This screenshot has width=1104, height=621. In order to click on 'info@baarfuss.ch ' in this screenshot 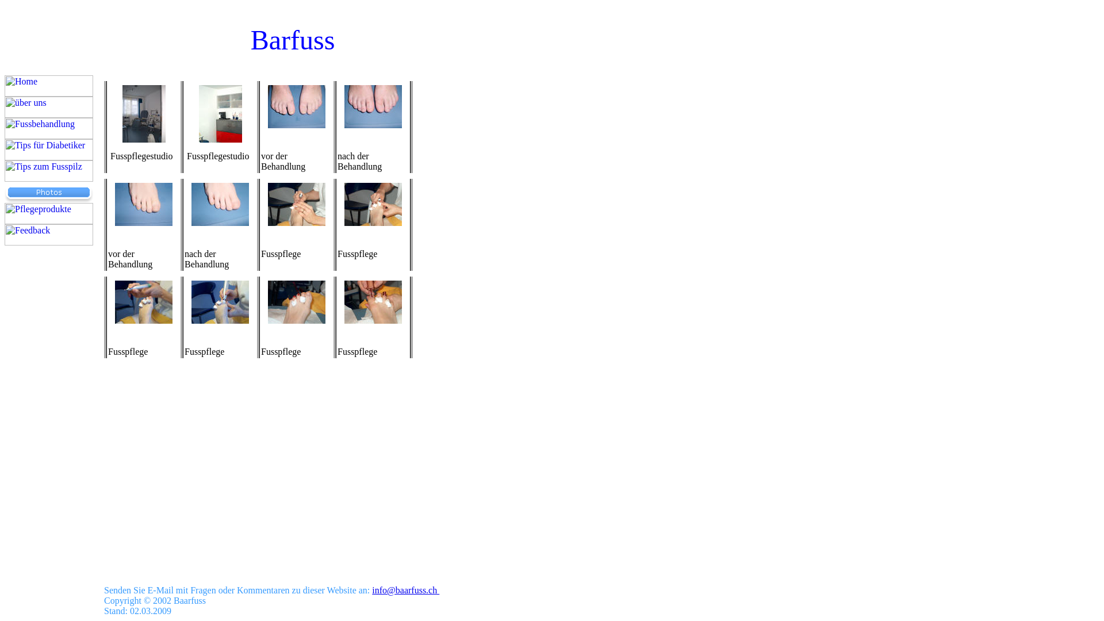, I will do `click(372, 590)`.